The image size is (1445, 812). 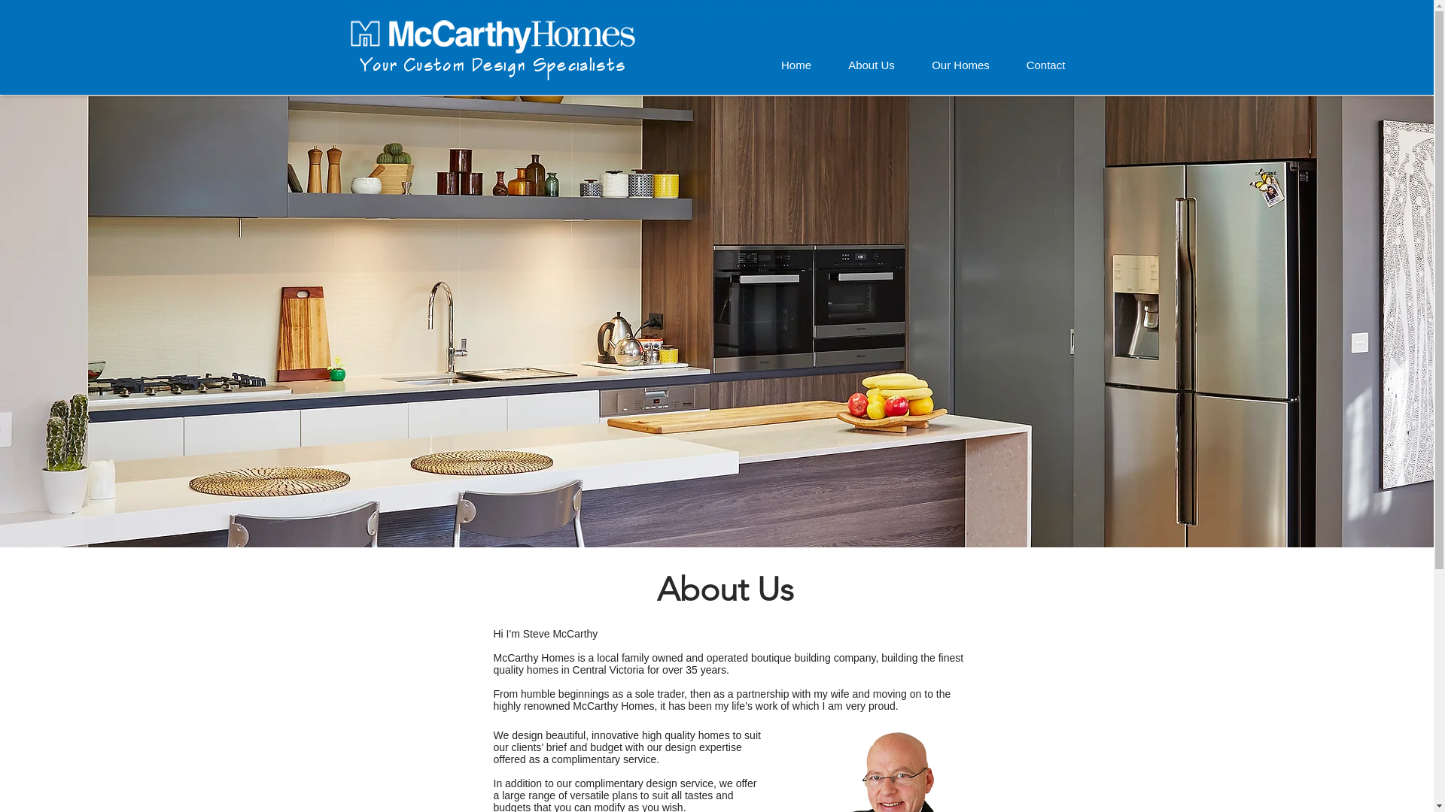 What do you see at coordinates (960, 65) in the screenshot?
I see `'Our Homes'` at bounding box center [960, 65].